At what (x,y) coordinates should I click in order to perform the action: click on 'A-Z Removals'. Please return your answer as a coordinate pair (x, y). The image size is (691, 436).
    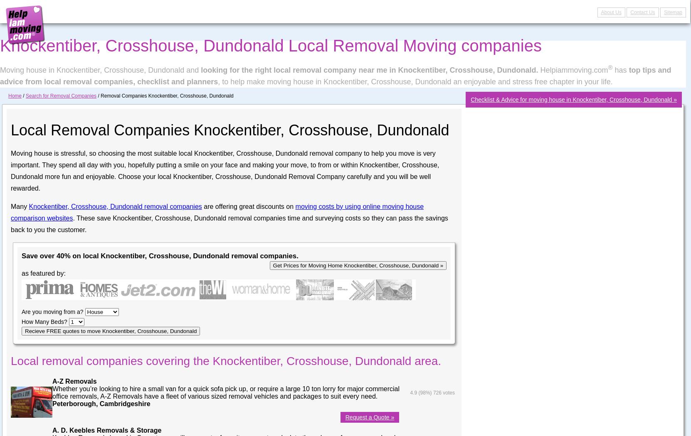
    Looking at the image, I should click on (74, 381).